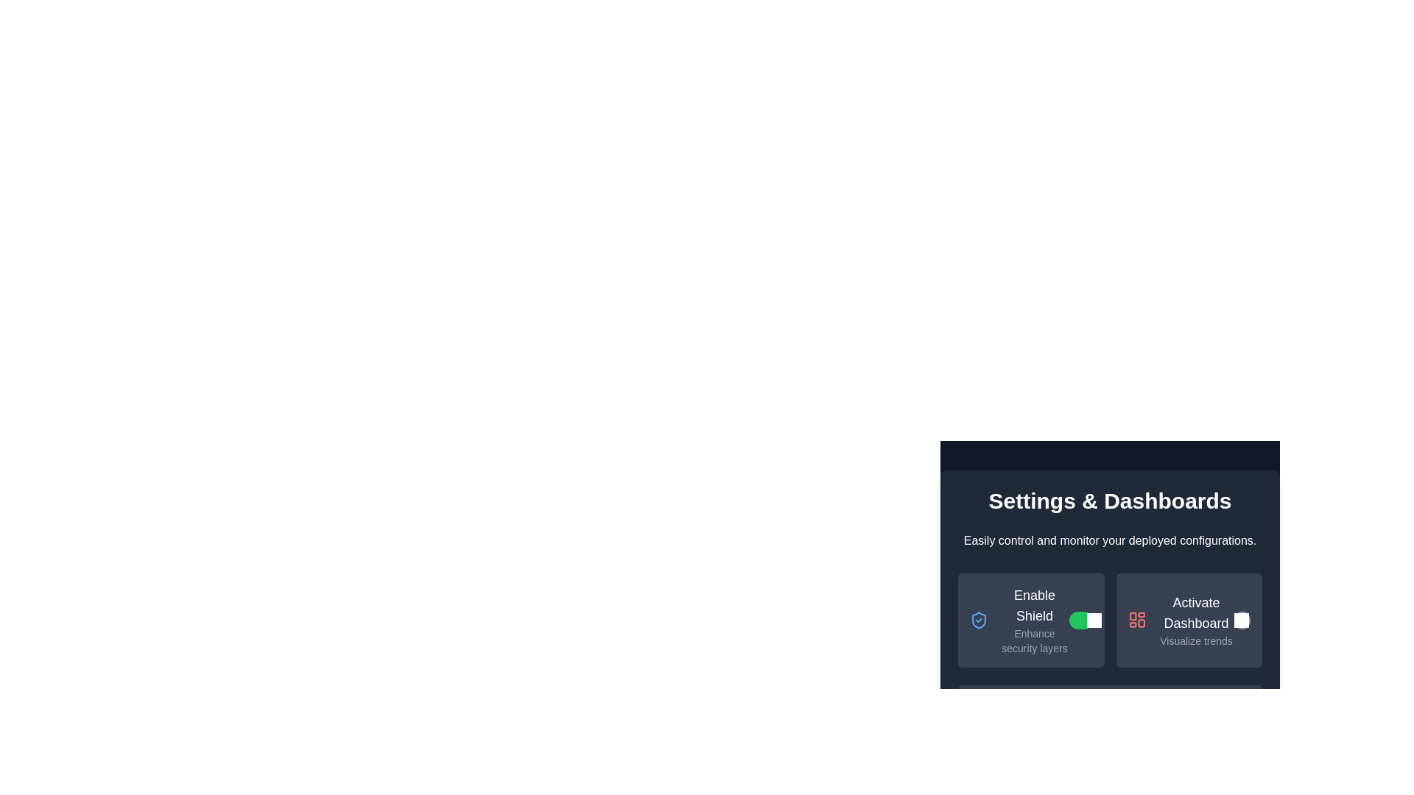  What do you see at coordinates (979, 621) in the screenshot?
I see `the design of the shield icon representing the 'Enable Shield' functionality in the 'Settings & Dashboards' section, positioned near the 'Enable' and 'Shield' labels` at bounding box center [979, 621].